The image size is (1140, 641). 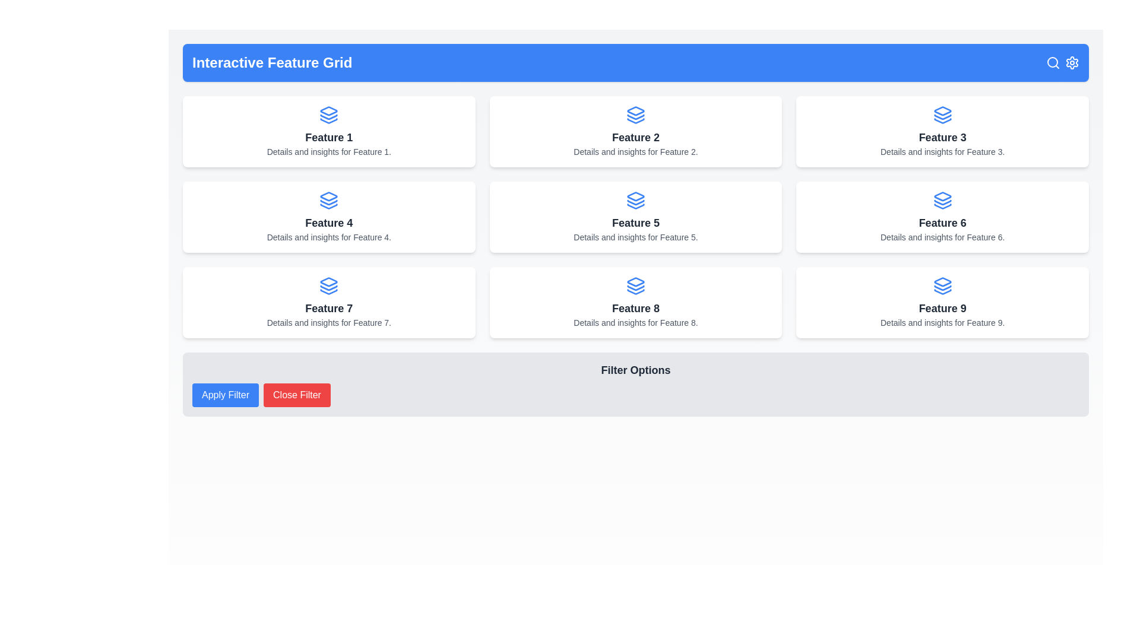 I want to click on the text label element that serves as the title for the 'Feature 8' card, located in the central column of the third row, positioned below a decorative icon, so click(x=635, y=308).